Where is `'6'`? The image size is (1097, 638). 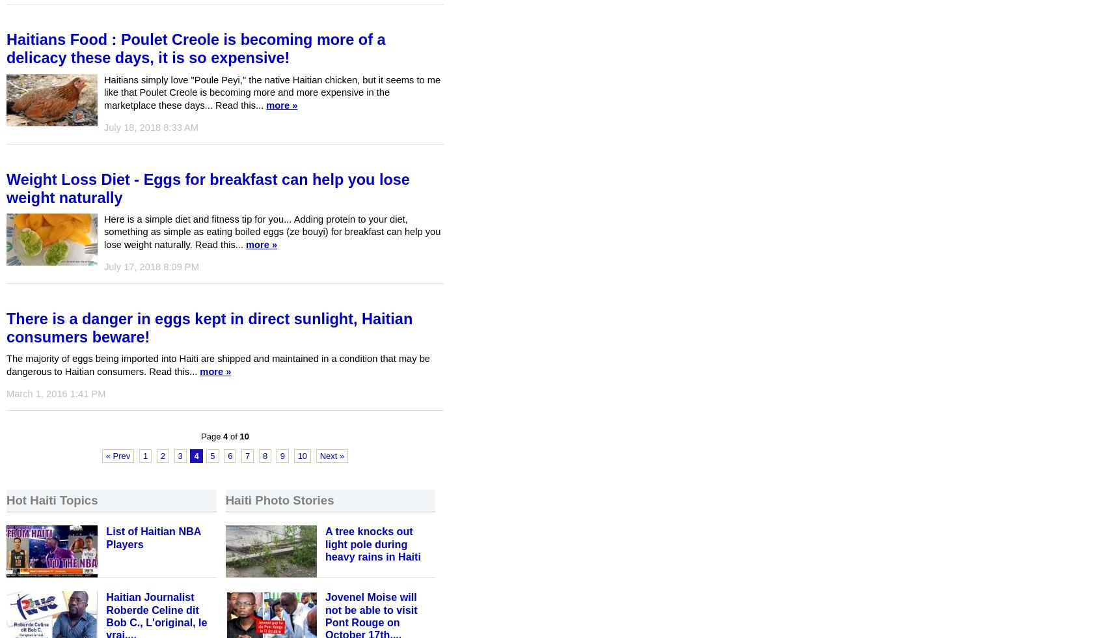
'6' is located at coordinates (227, 455).